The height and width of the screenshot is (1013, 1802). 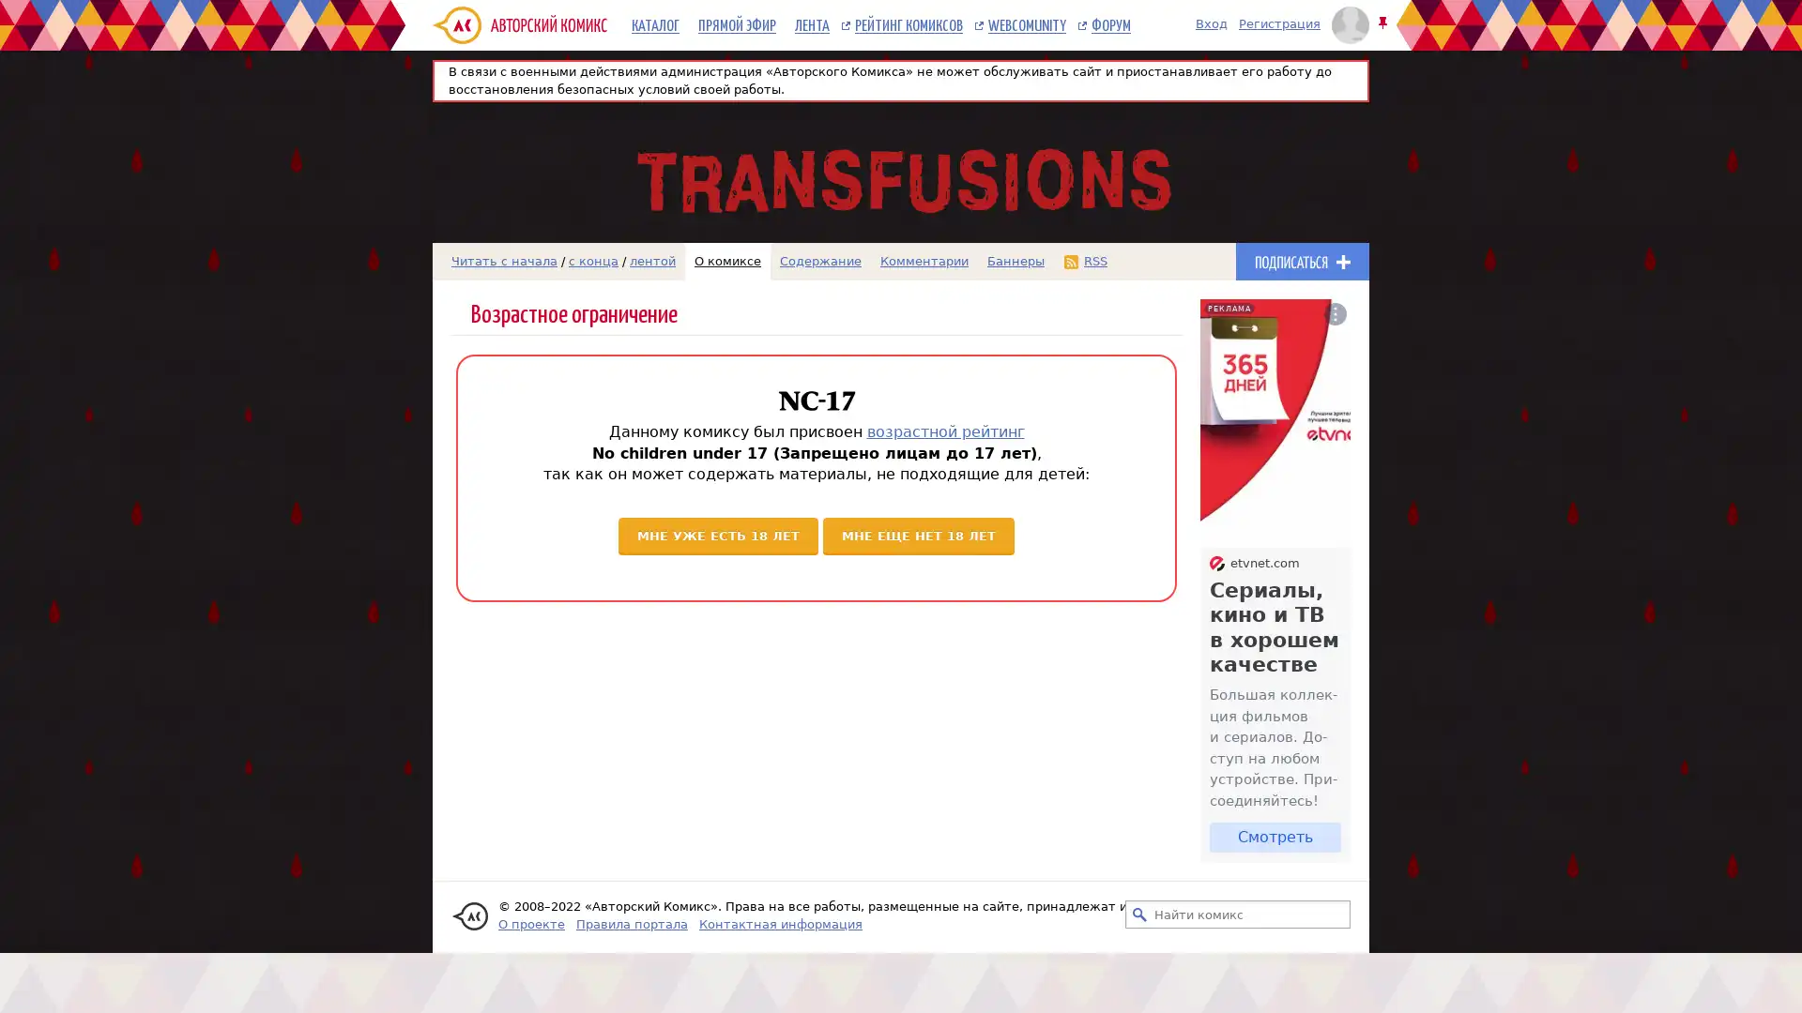 What do you see at coordinates (717, 535) in the screenshot?
I see `18` at bounding box center [717, 535].